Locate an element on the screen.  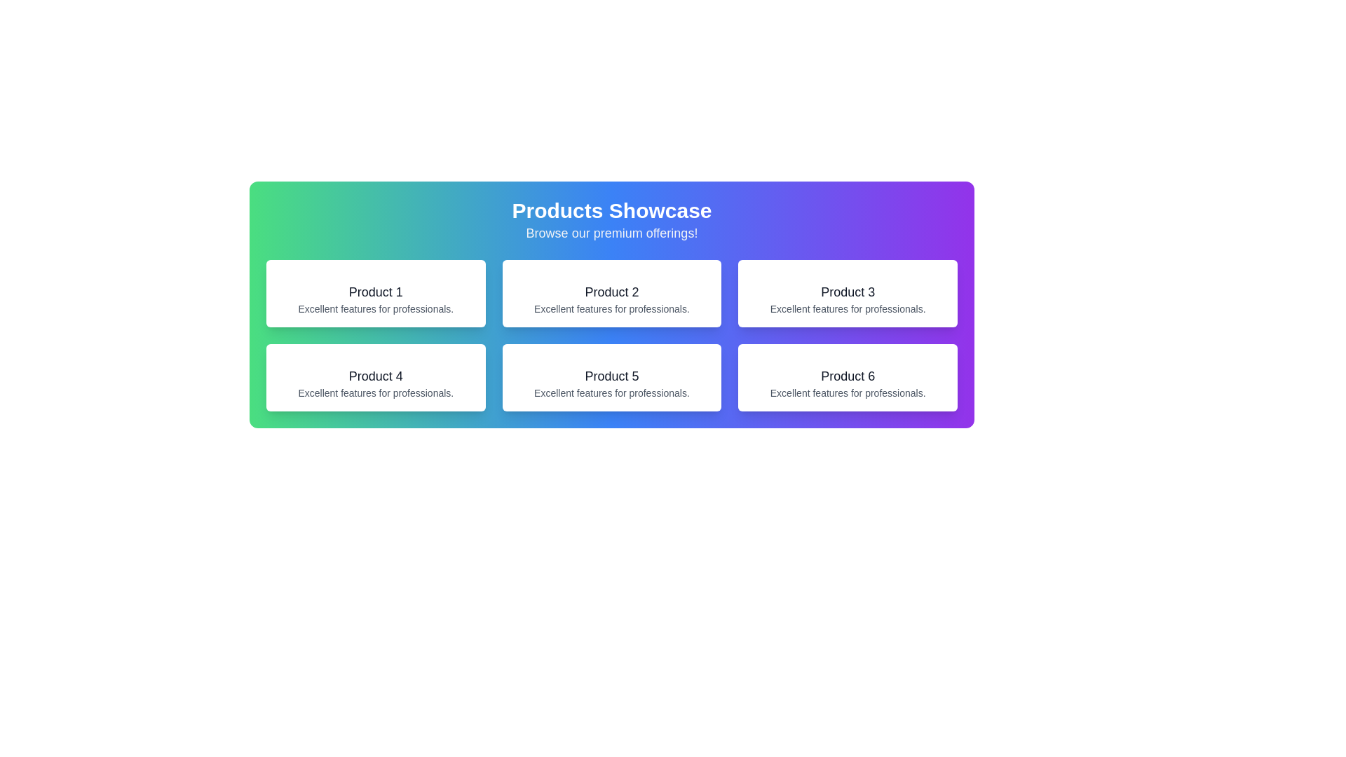
the card titled 'Product 6' which has a white background and rounded corners, located in the second row of a grid layout is located at coordinates (847, 377).